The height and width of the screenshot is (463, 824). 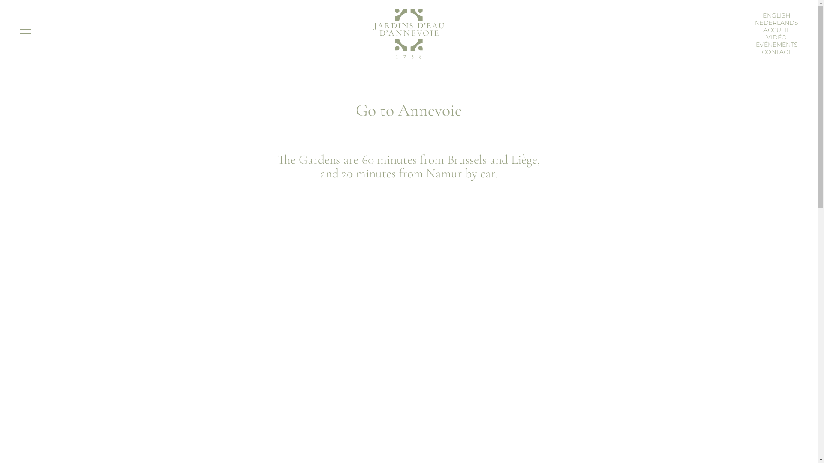 I want to click on 'NEDERLANDS', so click(x=776, y=22).